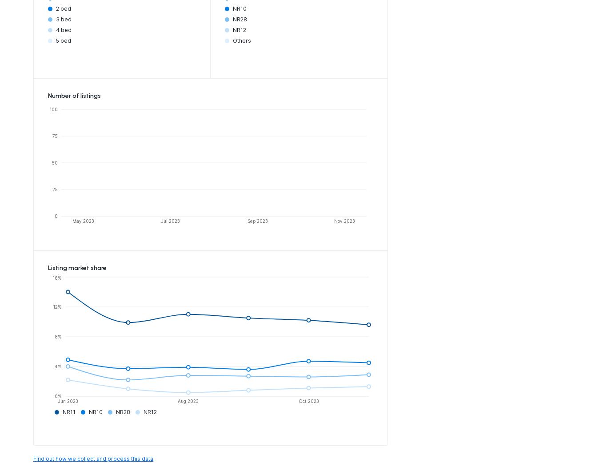 The image size is (607, 475). What do you see at coordinates (54, 395) in the screenshot?
I see `'0%'` at bounding box center [54, 395].